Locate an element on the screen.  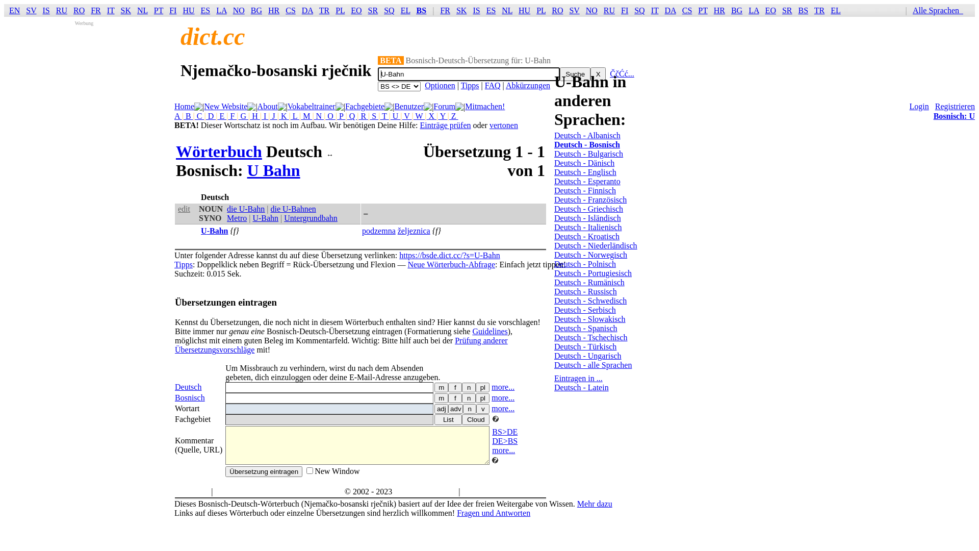
'D' is located at coordinates (210, 115).